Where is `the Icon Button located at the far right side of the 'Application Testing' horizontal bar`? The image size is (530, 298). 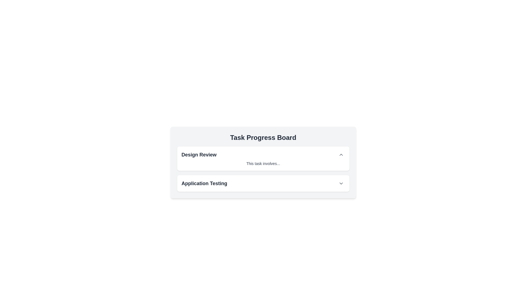 the Icon Button located at the far right side of the 'Application Testing' horizontal bar is located at coordinates (341, 183).